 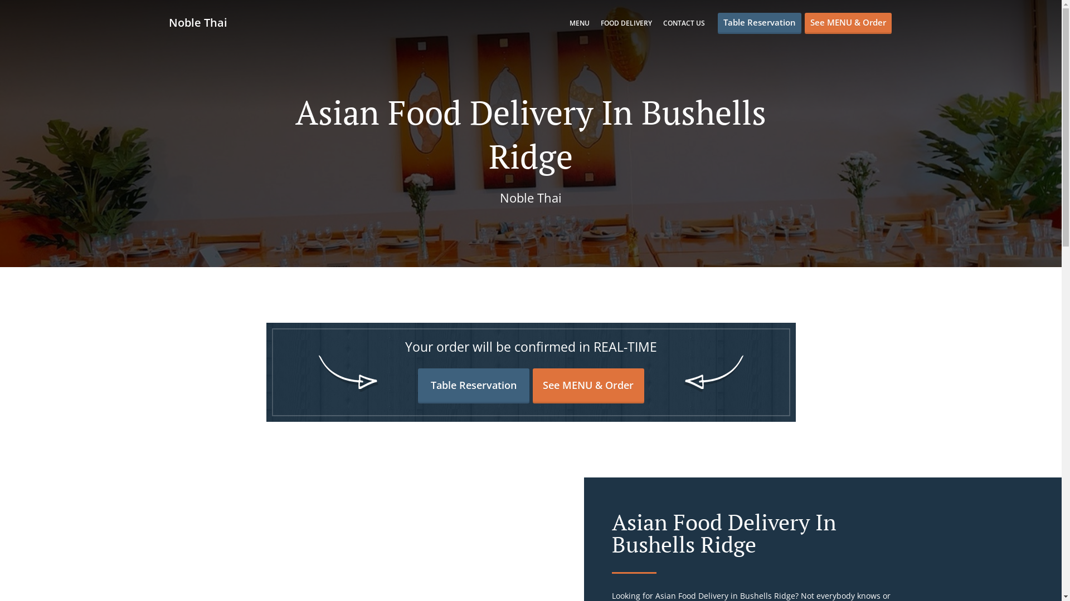 I want to click on 'MENU', so click(x=580, y=23).